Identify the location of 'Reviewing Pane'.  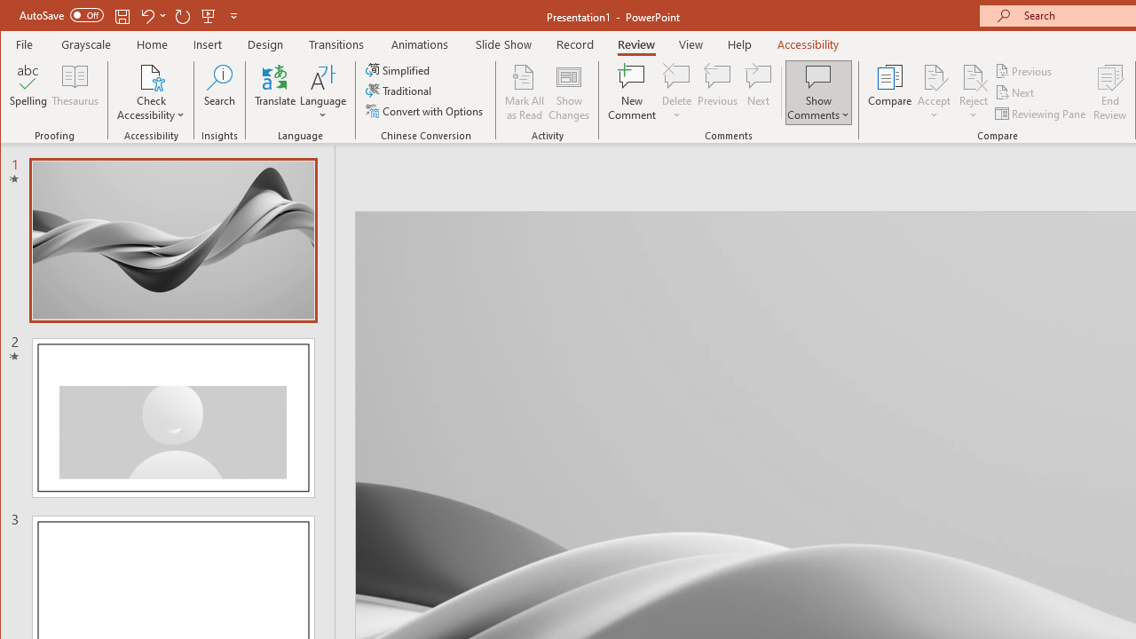
(1041, 114).